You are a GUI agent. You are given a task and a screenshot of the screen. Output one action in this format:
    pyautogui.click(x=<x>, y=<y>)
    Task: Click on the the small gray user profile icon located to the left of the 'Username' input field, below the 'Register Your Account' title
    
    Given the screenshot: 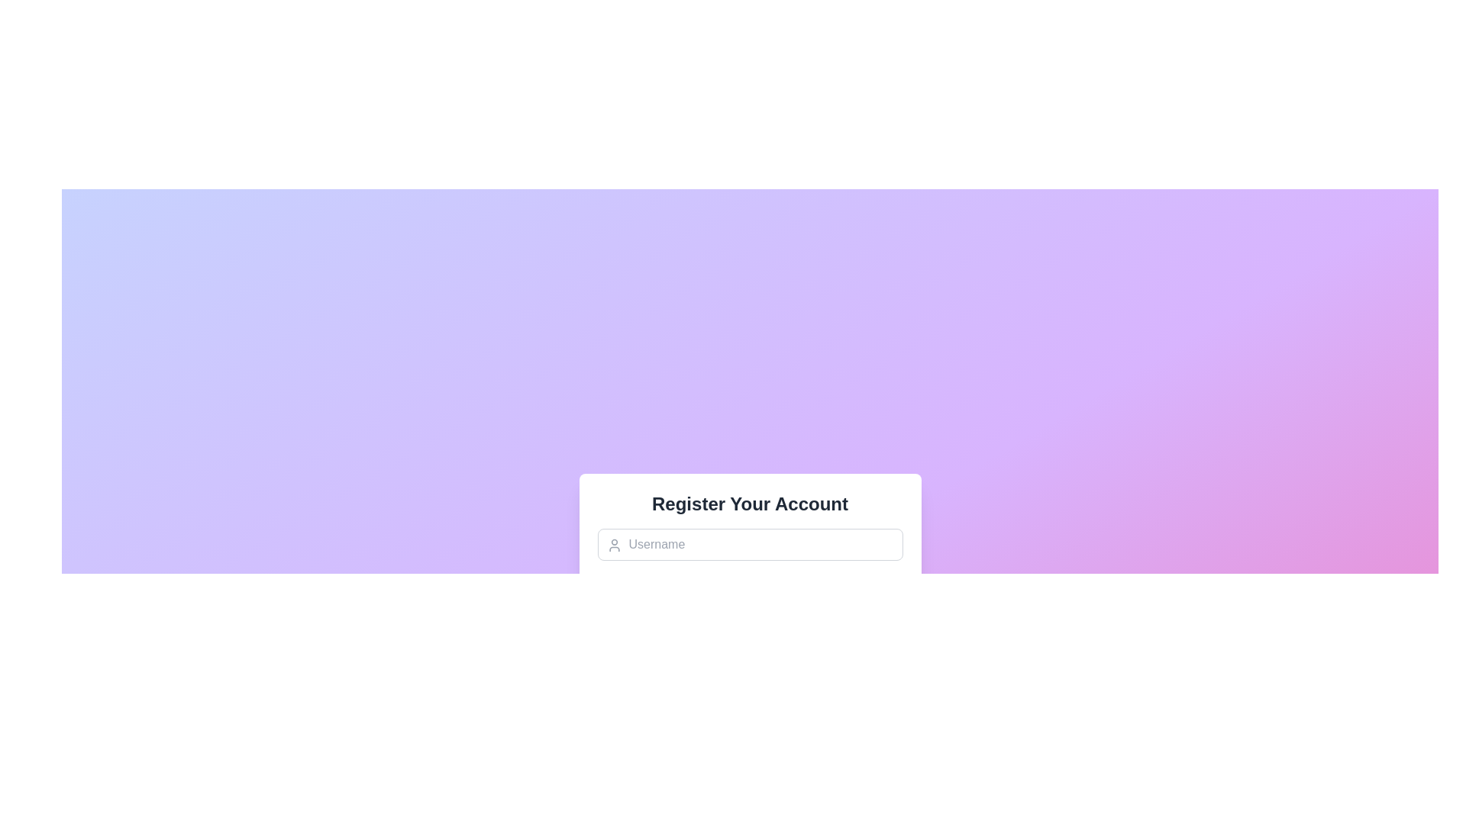 What is the action you would take?
    pyautogui.click(x=614, y=544)
    